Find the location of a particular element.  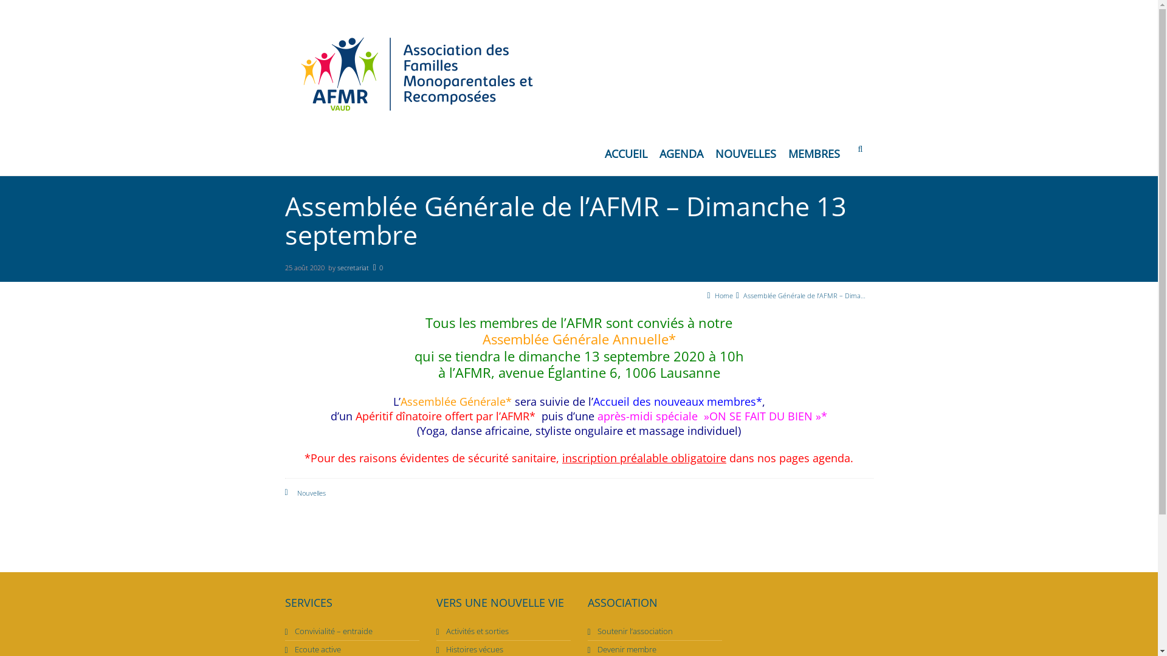

'ACCUEIL' is located at coordinates (625, 156).